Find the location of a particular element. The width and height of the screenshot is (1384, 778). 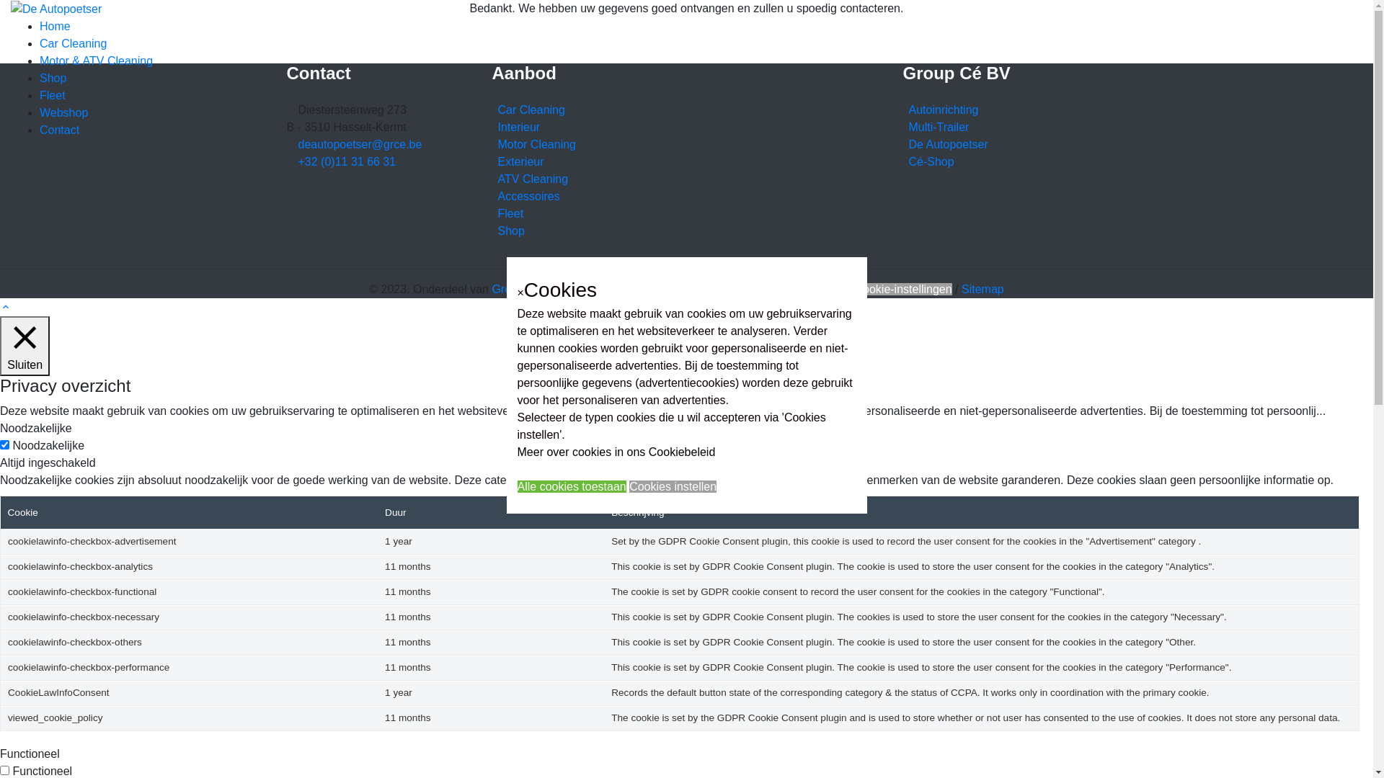

'Accessoires' is located at coordinates (491, 196).